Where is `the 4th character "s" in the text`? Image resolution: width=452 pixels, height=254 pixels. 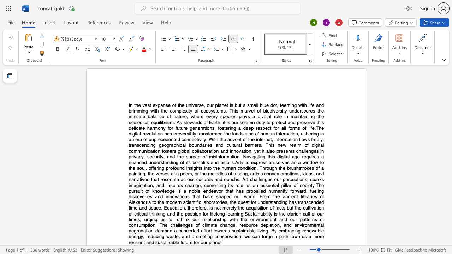 the 4th character "s" in the text is located at coordinates (219, 219).